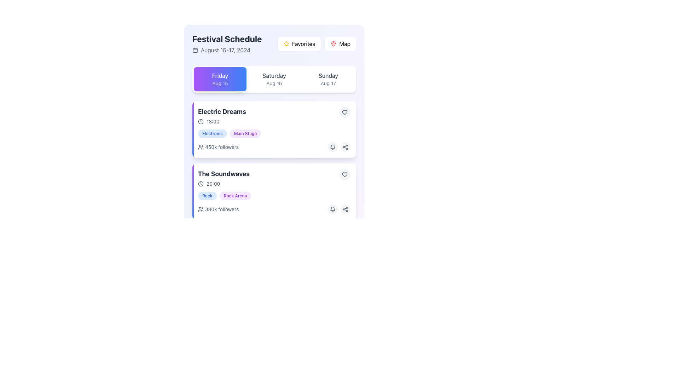  What do you see at coordinates (286, 44) in the screenshot?
I see `the golden star icon within the 'Favorites' button, which is located in the top-right section of the interface near the 'Map' button` at bounding box center [286, 44].